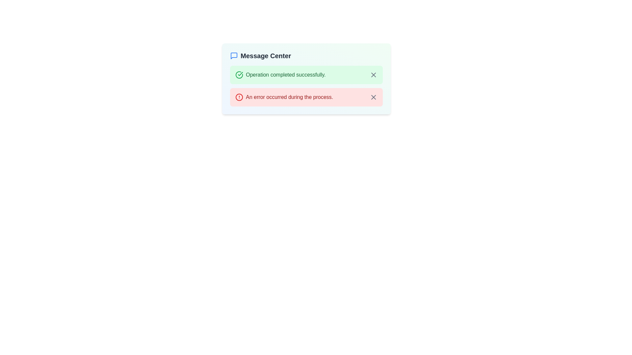 The height and width of the screenshot is (355, 632). Describe the element at coordinates (266, 55) in the screenshot. I see `the 'Message Center' text label which is prominently displayed in a bold and large font at the top section of the notification area` at that location.